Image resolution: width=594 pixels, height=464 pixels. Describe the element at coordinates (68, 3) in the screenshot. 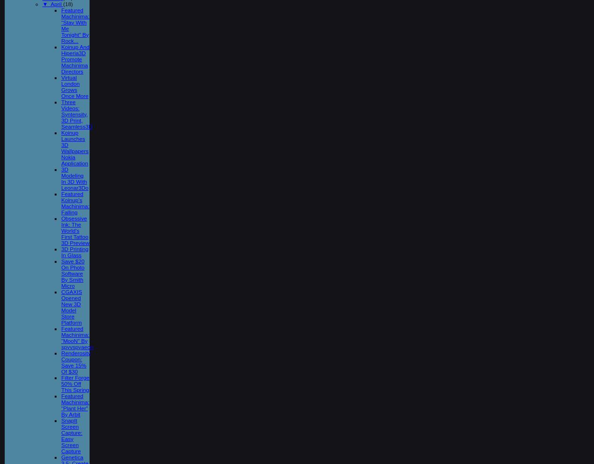

I see `'(18)'` at that location.